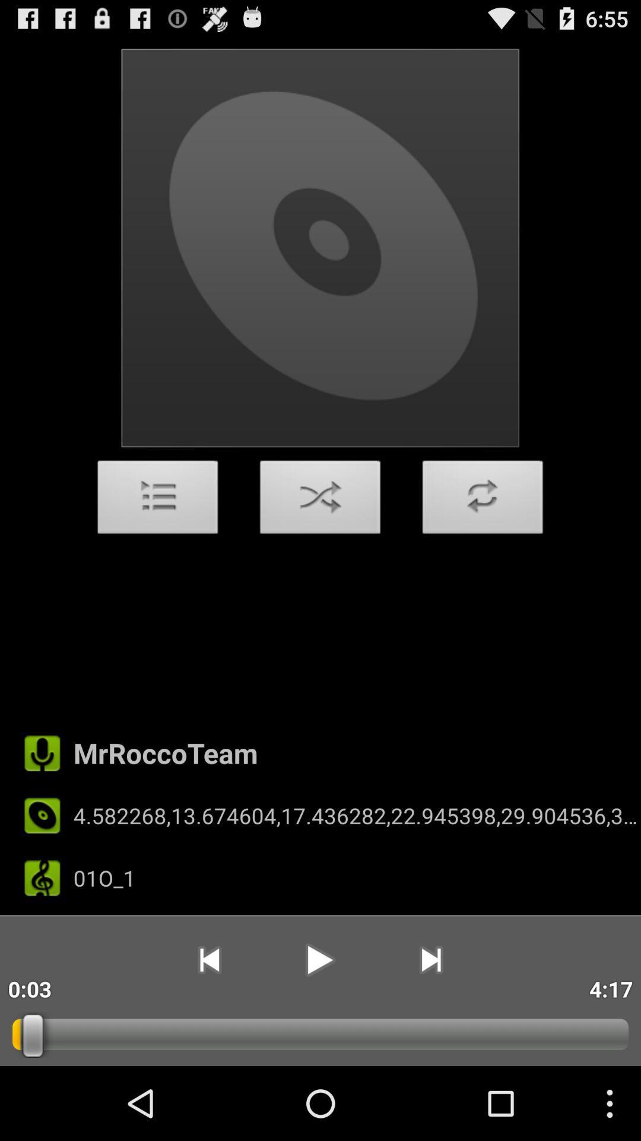 The height and width of the screenshot is (1141, 641). What do you see at coordinates (157, 500) in the screenshot?
I see `the item above mrroccoteam item` at bounding box center [157, 500].